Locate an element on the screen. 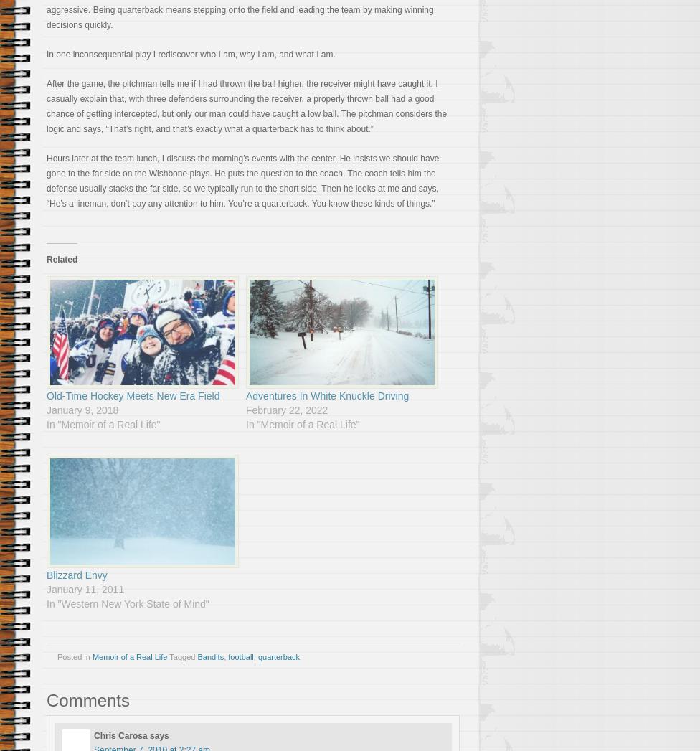 The height and width of the screenshot is (751, 700). 'Posted in' is located at coordinates (75, 656).